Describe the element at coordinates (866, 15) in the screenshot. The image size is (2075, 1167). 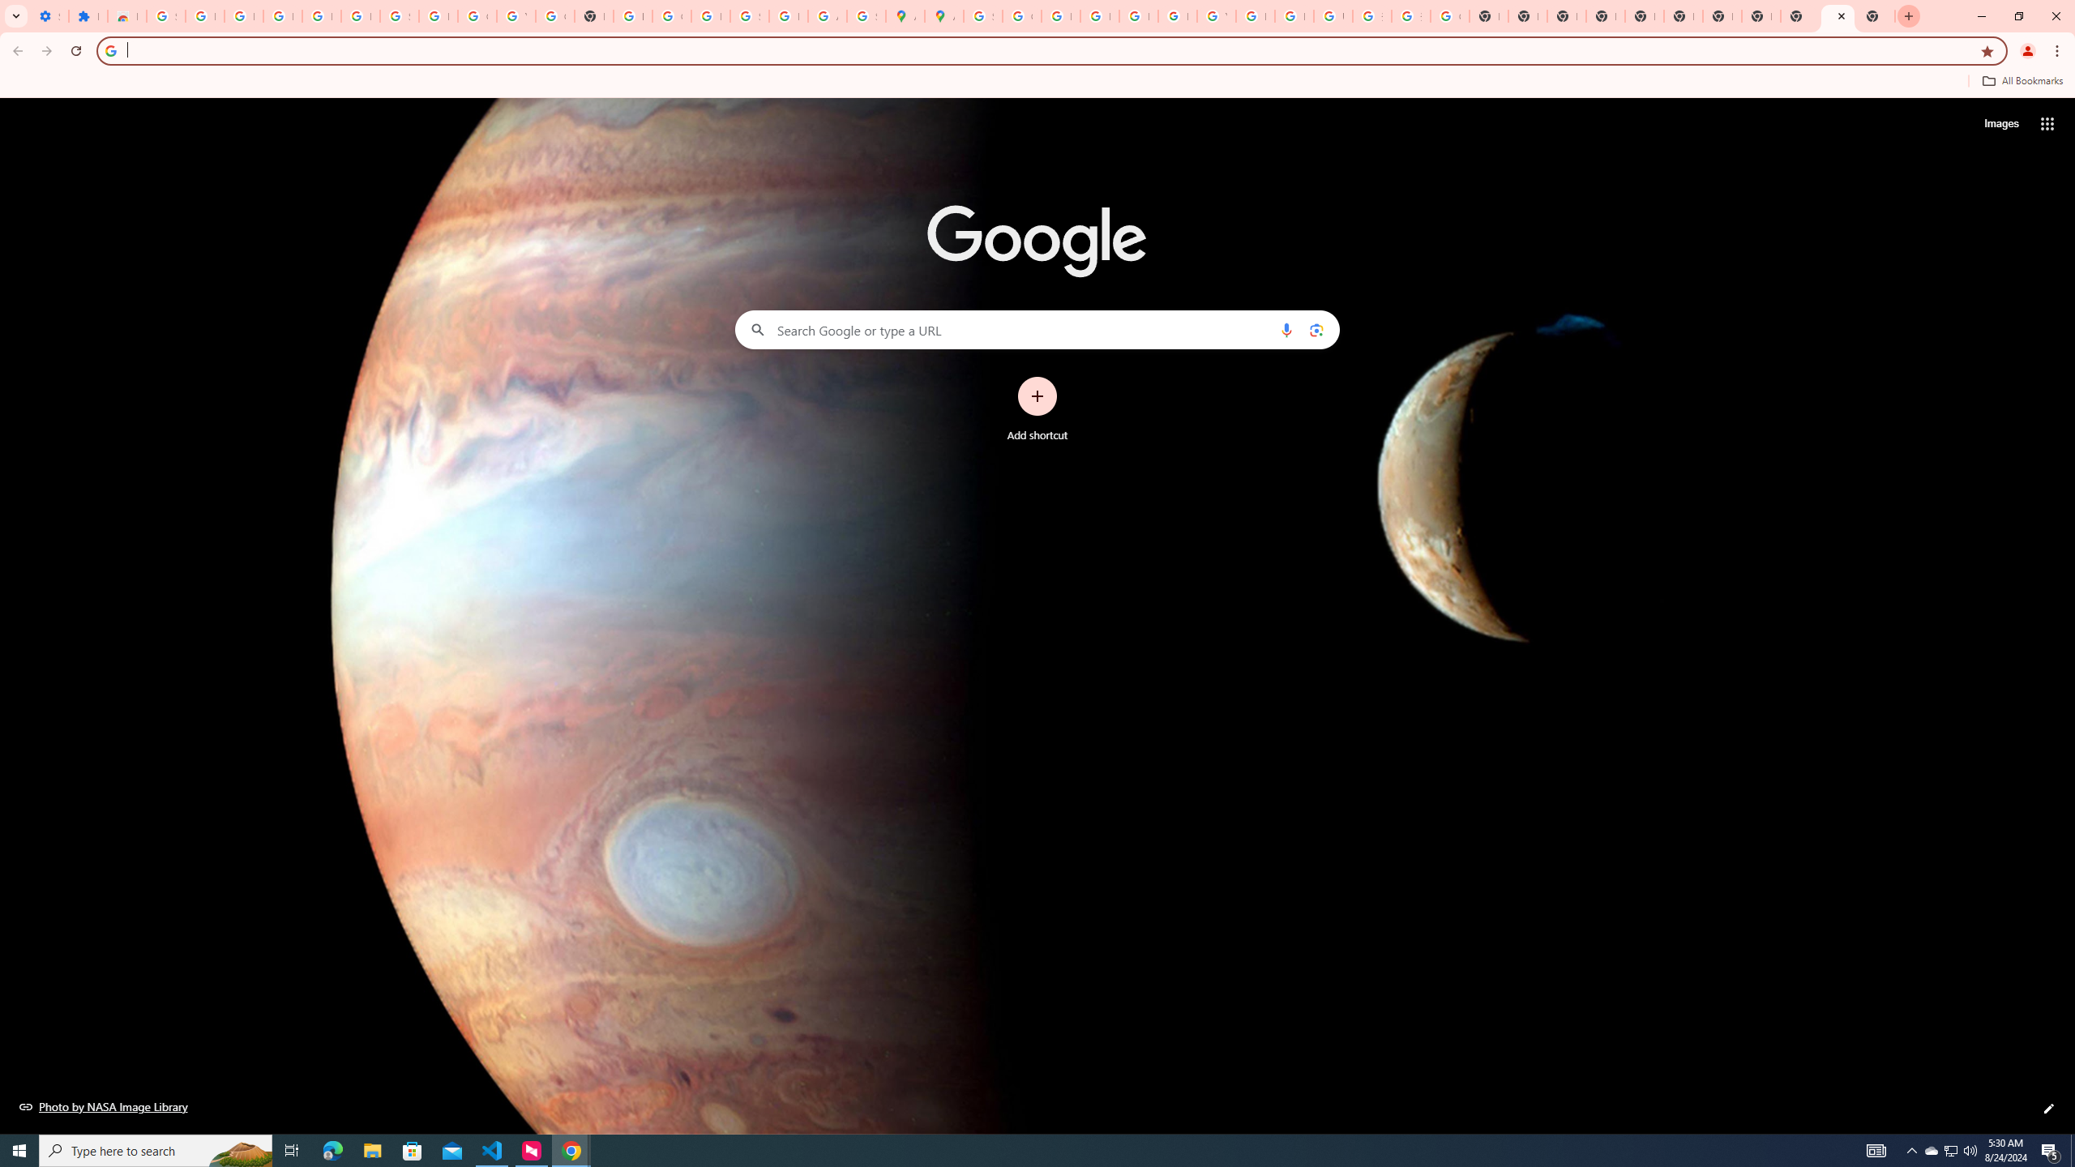
I see `'Safety in Our Products - Google Safety Center'` at that location.